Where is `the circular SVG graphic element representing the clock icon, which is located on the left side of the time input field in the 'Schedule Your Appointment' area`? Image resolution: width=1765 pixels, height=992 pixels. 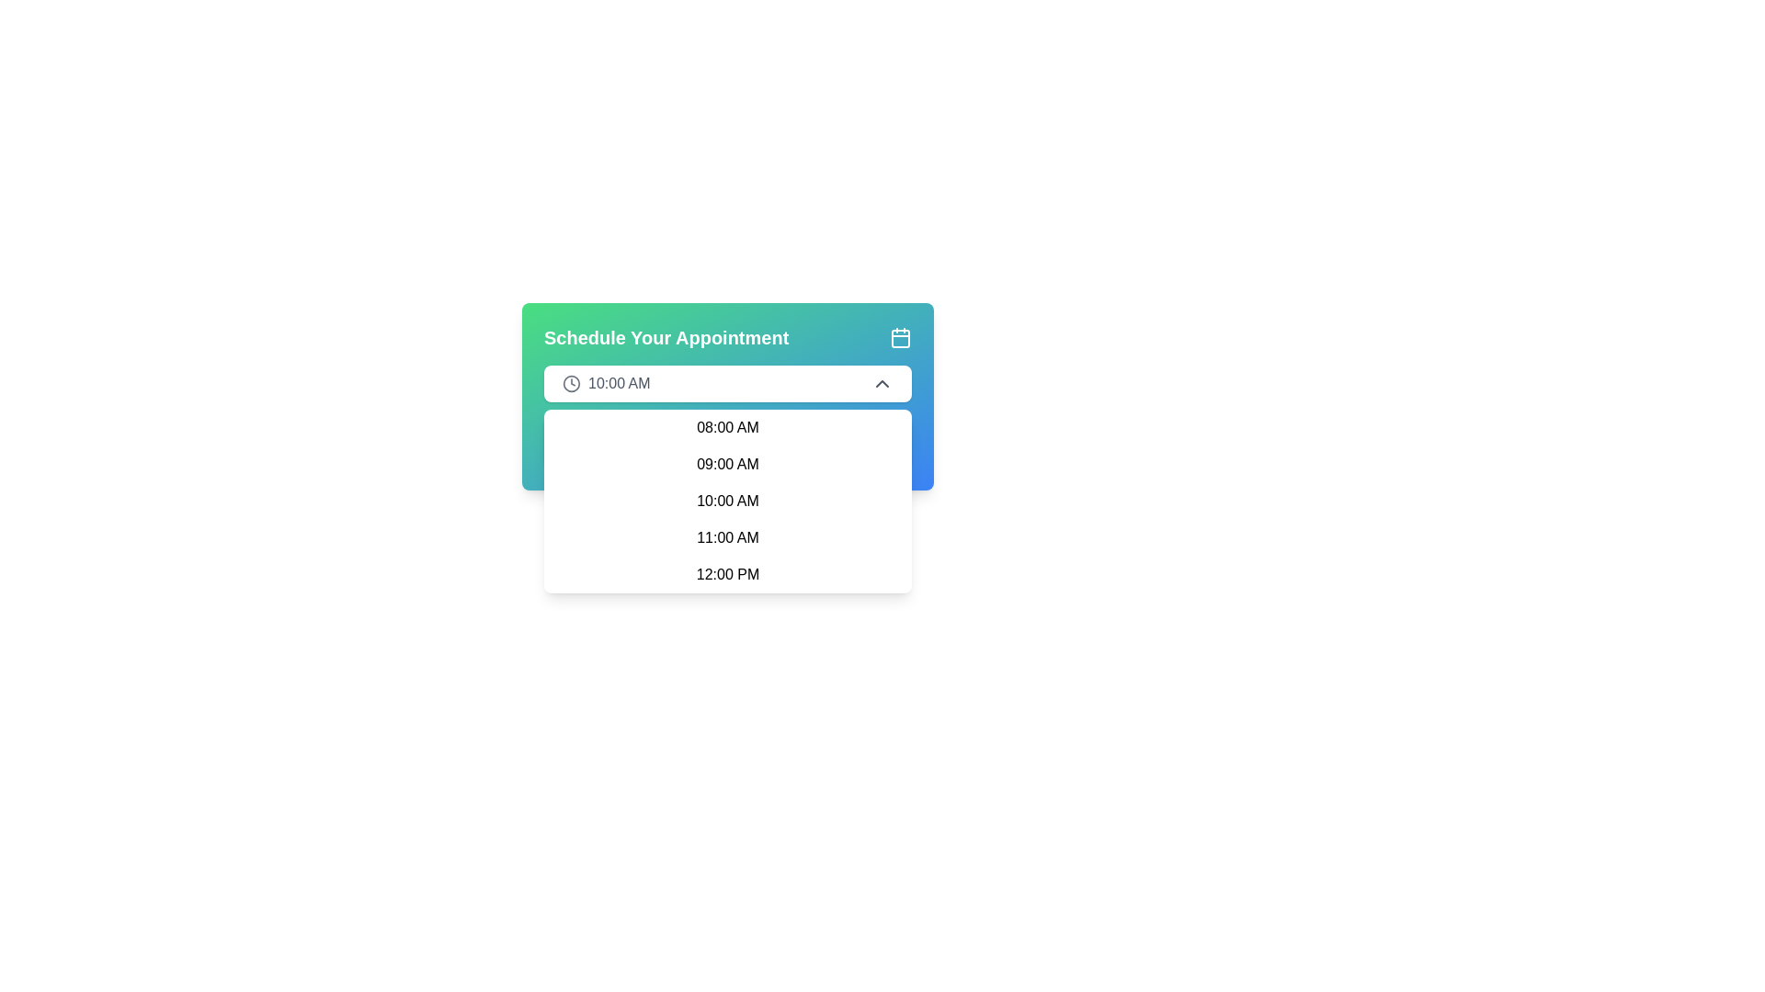 the circular SVG graphic element representing the clock icon, which is located on the left side of the time input field in the 'Schedule Your Appointment' area is located at coordinates (571, 382).